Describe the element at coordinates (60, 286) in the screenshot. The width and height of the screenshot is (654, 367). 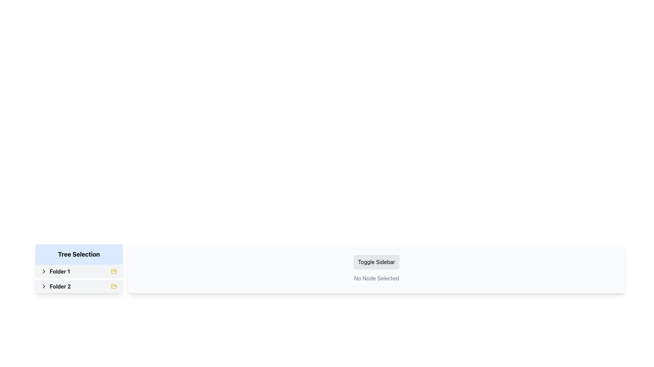
I see `the text label displaying 'Folder 2', which is styled with a bold font and positioned to the right of a triangular icon and a folder glyph in the Tree Selection section` at that location.